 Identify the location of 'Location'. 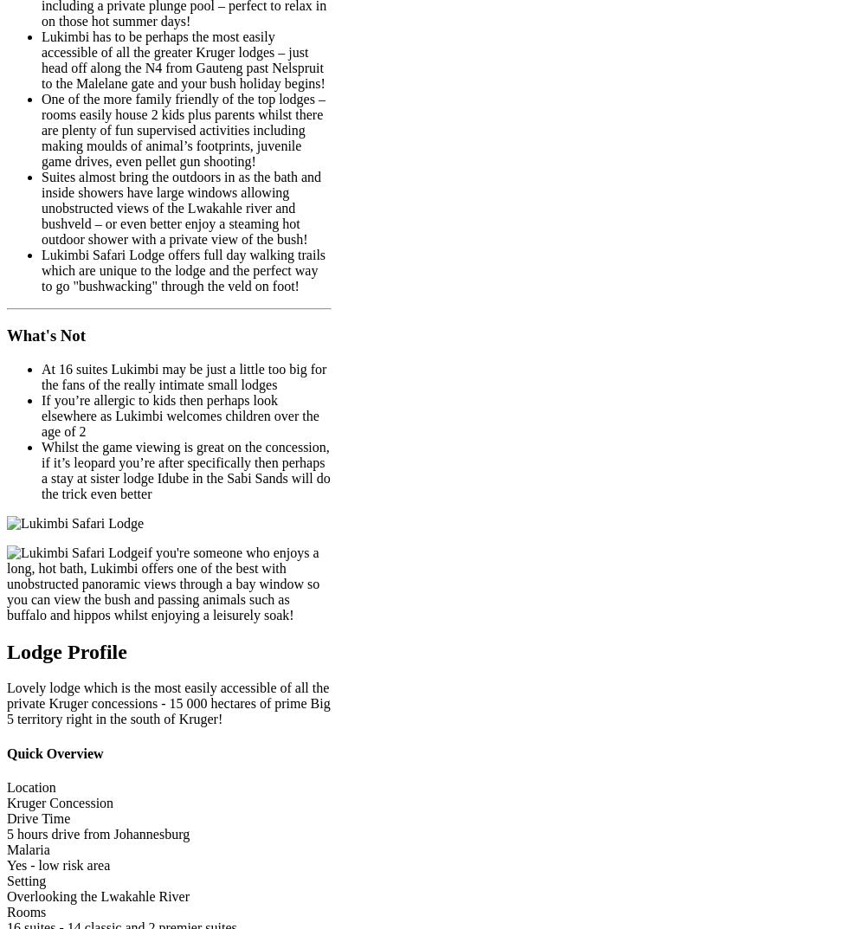
(31, 787).